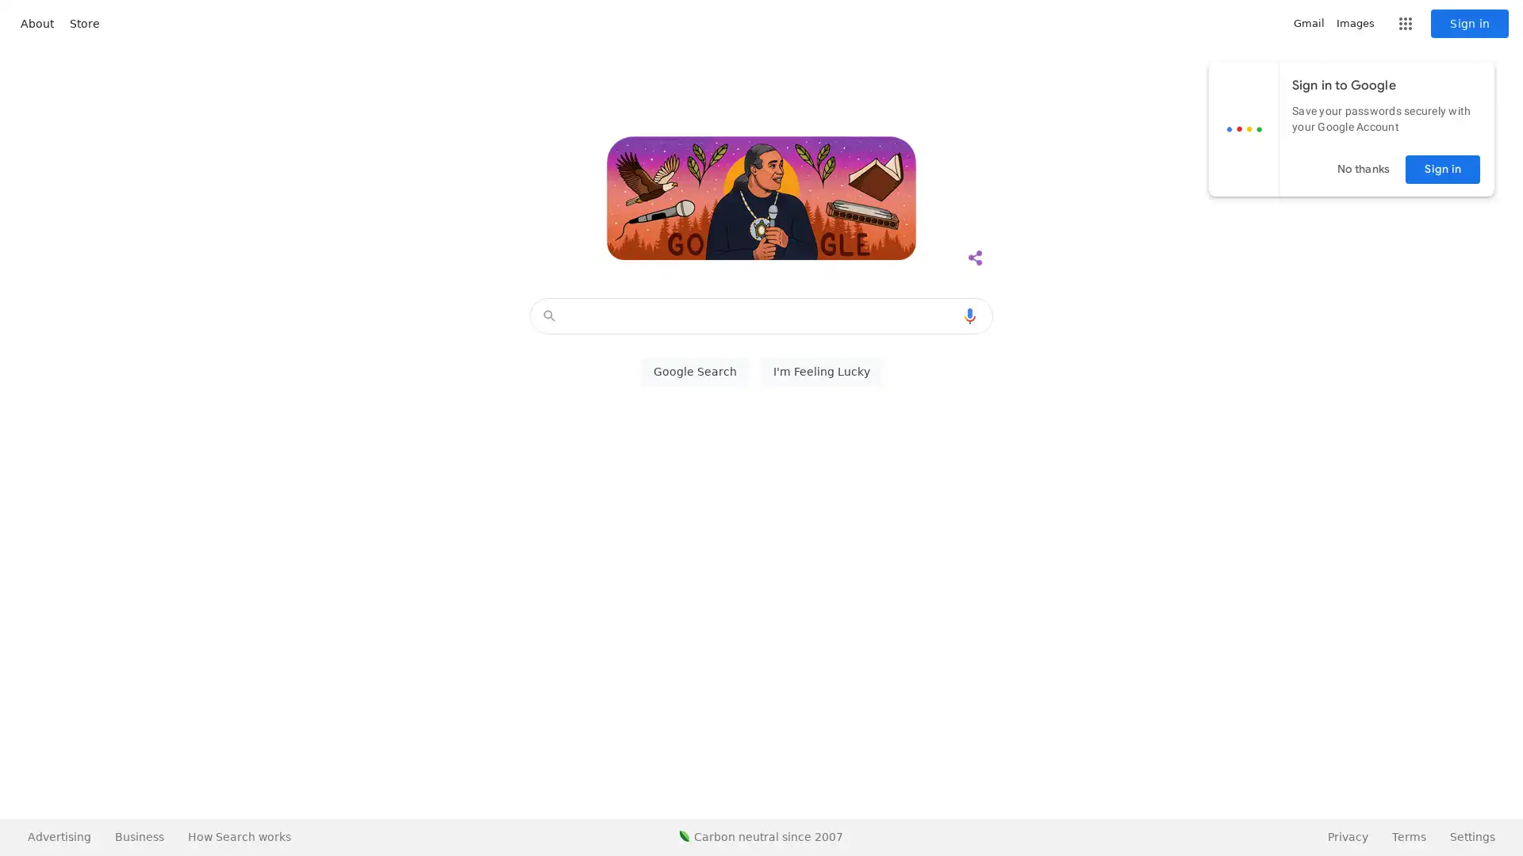 This screenshot has height=856, width=1523. What do you see at coordinates (821, 372) in the screenshot?
I see `I'm Feeling Lucky` at bounding box center [821, 372].